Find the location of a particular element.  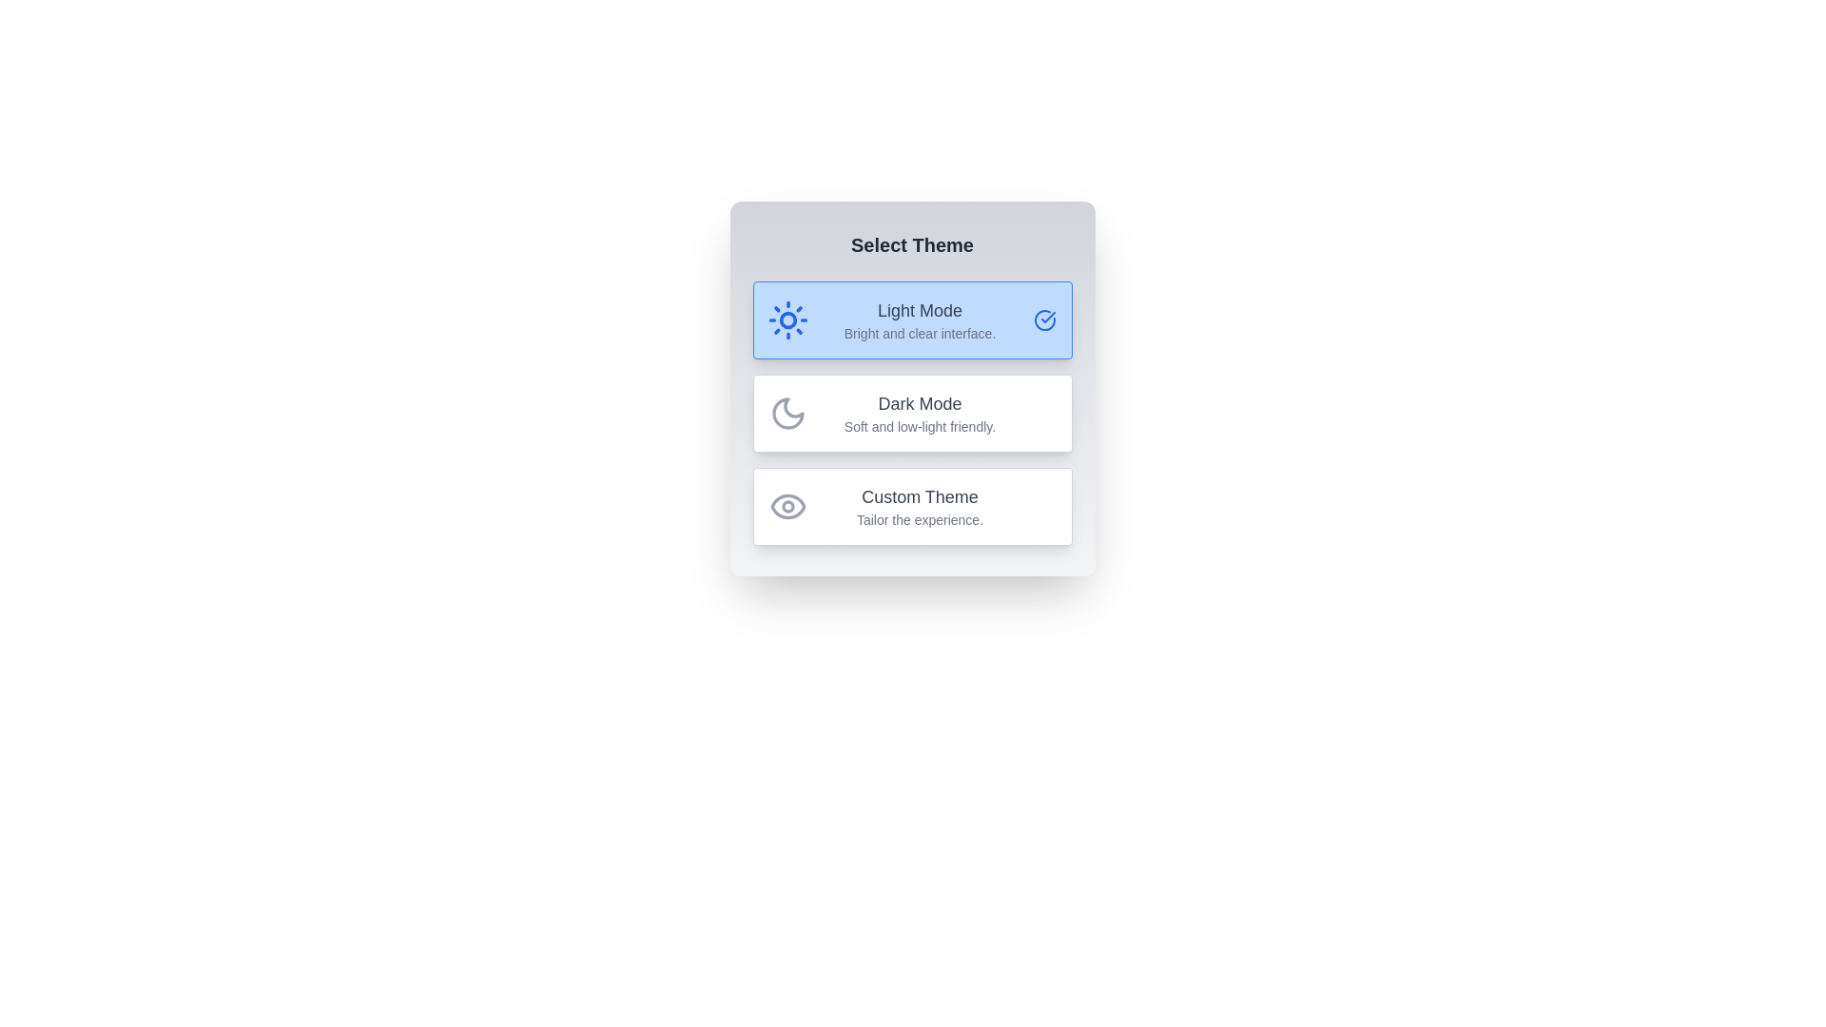

the small circle within the sun icon that symbolizes the 'Light Mode' option in the theme selection panel is located at coordinates (787, 319).